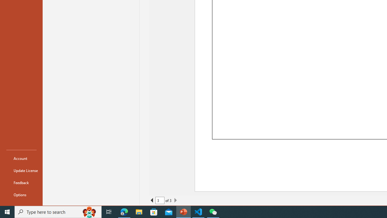 This screenshot has height=218, width=387. What do you see at coordinates (198, 211) in the screenshot?
I see `'Visual Studio Code - 1 running window'` at bounding box center [198, 211].